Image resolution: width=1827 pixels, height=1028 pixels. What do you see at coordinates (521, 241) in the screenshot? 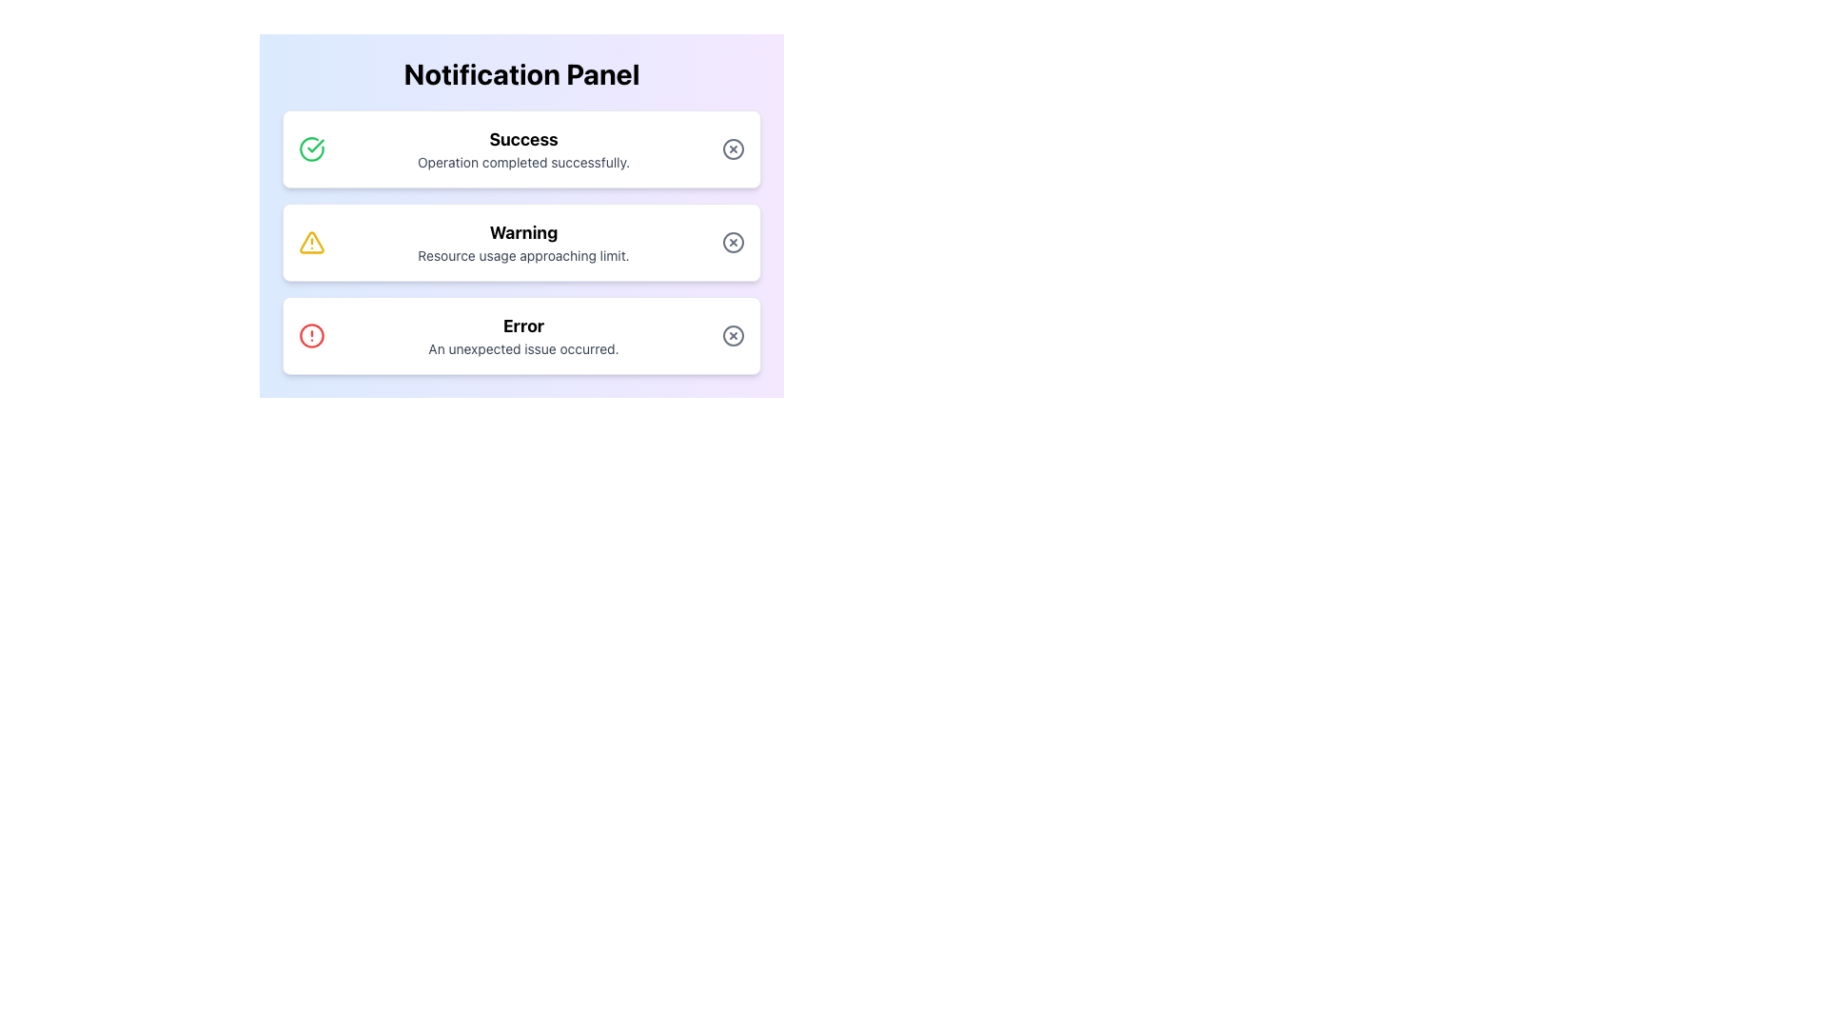
I see `the Notification box that conveys a warning about resource usage nearing its limit, positioned between 'Success' and 'Error' notifications in the Notification Panel` at bounding box center [521, 241].